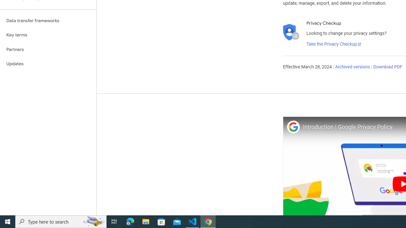 The height and width of the screenshot is (228, 406). I want to click on 'Partners', so click(48, 49).